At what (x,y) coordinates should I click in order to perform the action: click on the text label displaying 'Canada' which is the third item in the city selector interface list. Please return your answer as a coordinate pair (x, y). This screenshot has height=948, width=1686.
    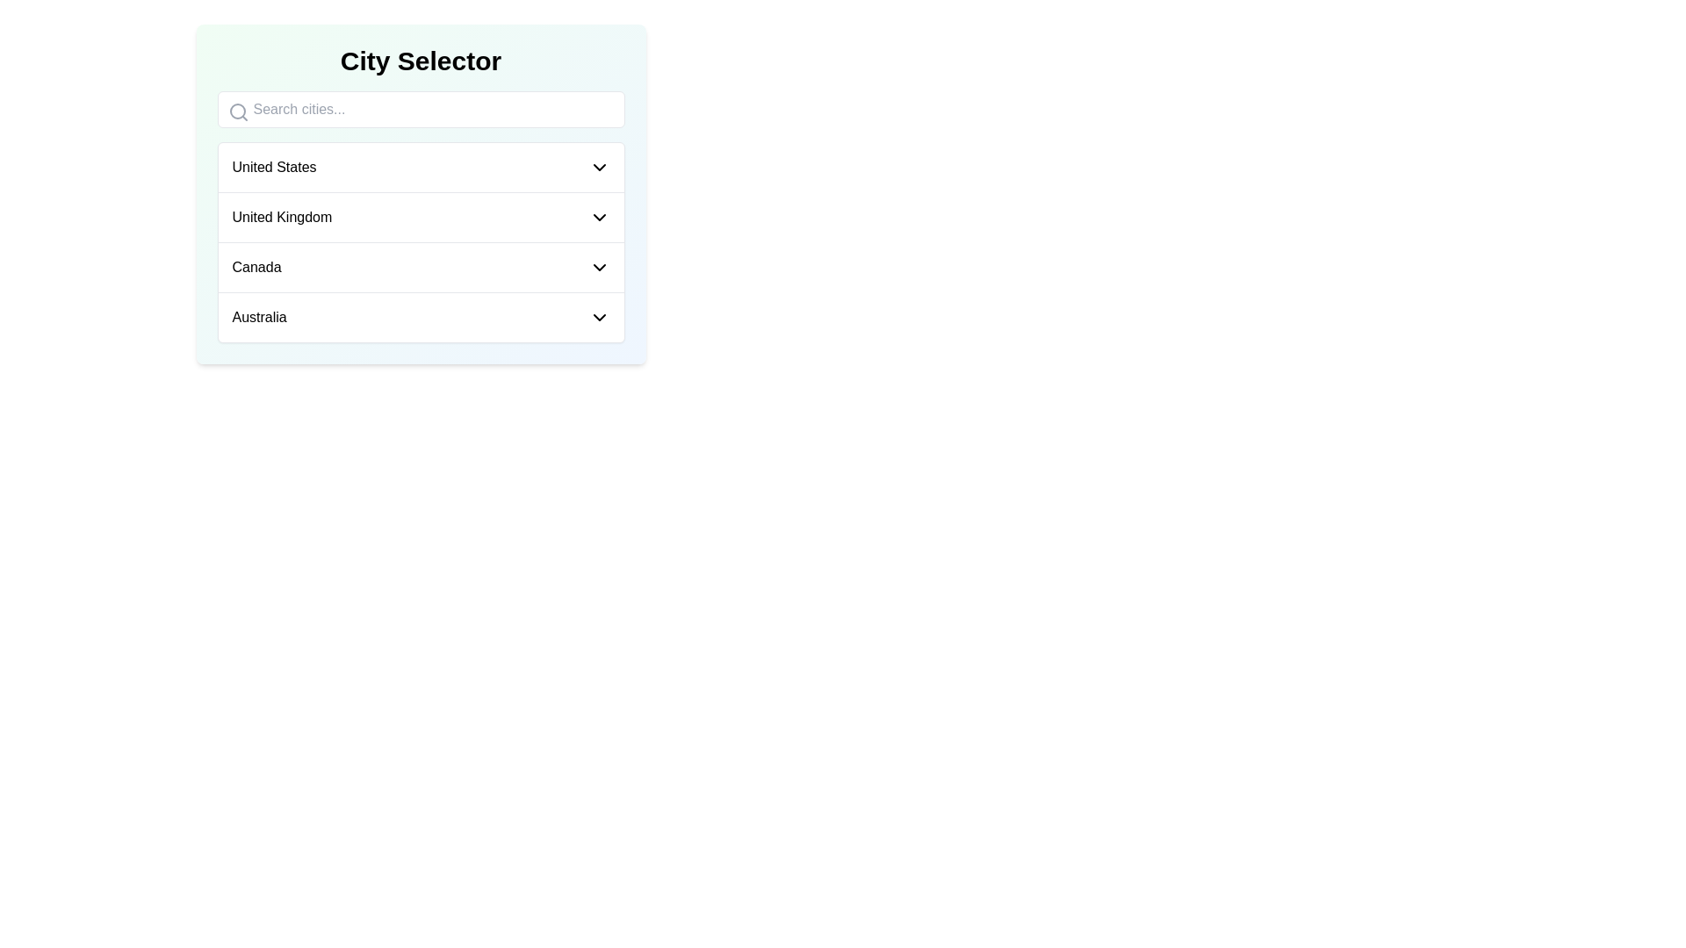
    Looking at the image, I should click on (256, 267).